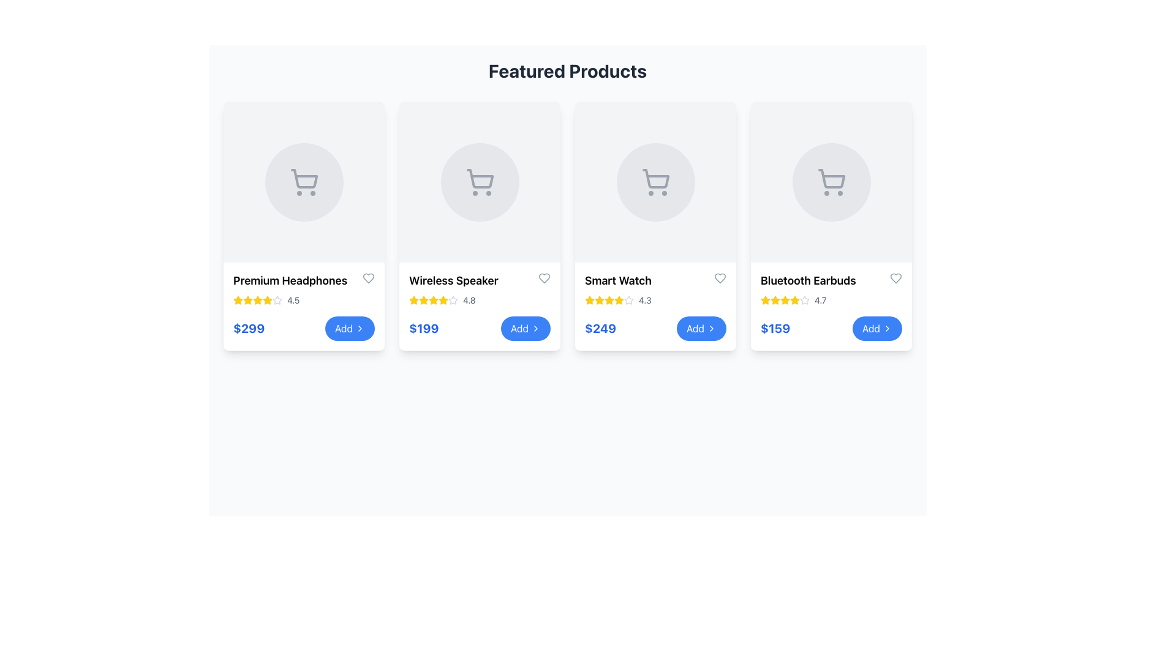 The width and height of the screenshot is (1176, 661). What do you see at coordinates (293, 300) in the screenshot?
I see `the text label displaying '4.5' in gray font, which is part of the rating widget under the product card labeled 'Premium Headphones'` at bounding box center [293, 300].